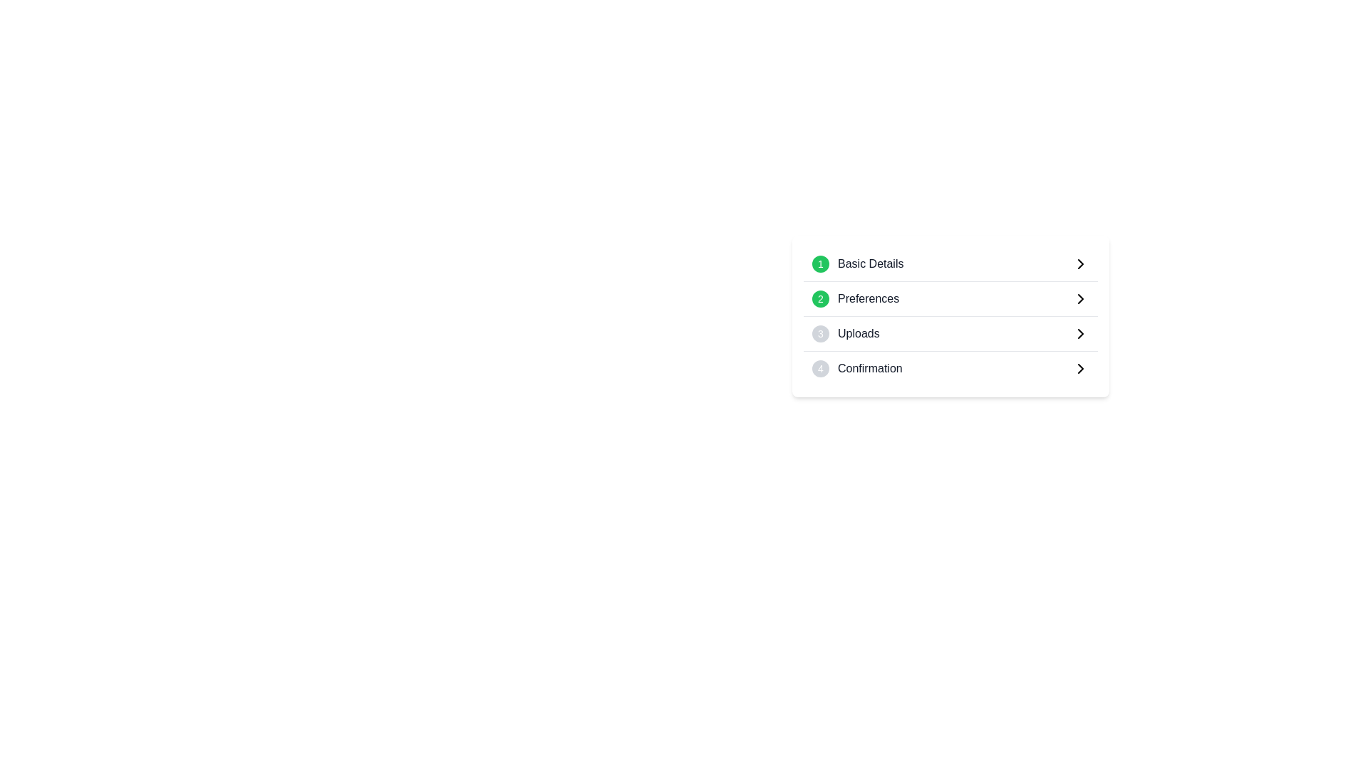 Image resolution: width=1368 pixels, height=769 pixels. I want to click on the fourth list item representing the 'Confirmation' step in the navigation process to proceed to that step, so click(950, 367).